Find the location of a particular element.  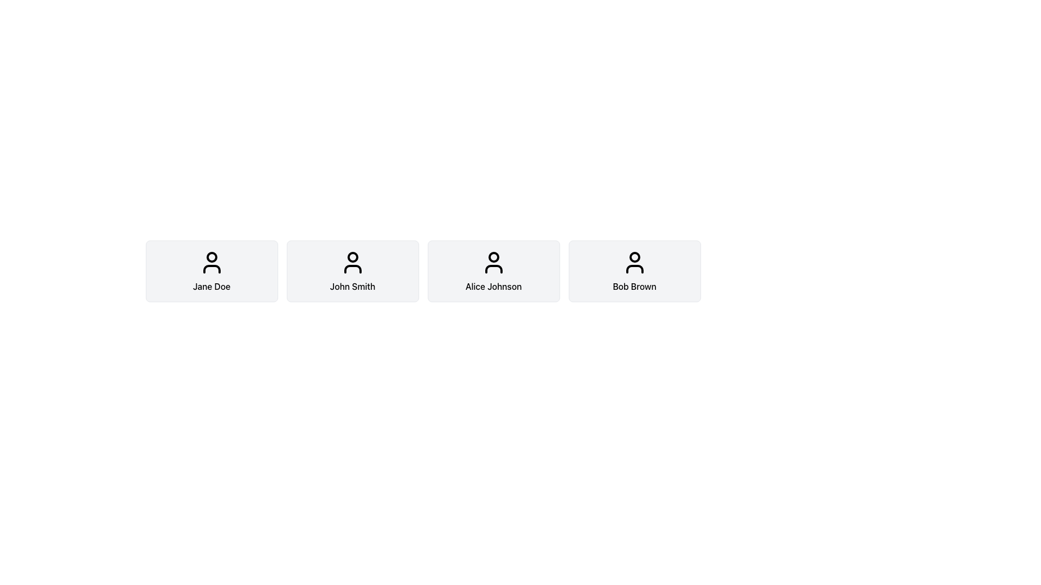

the text label displaying the name 'Bob Brown' located at the bottom of the fourth card from the left in a horizontal group of card components is located at coordinates (634, 285).